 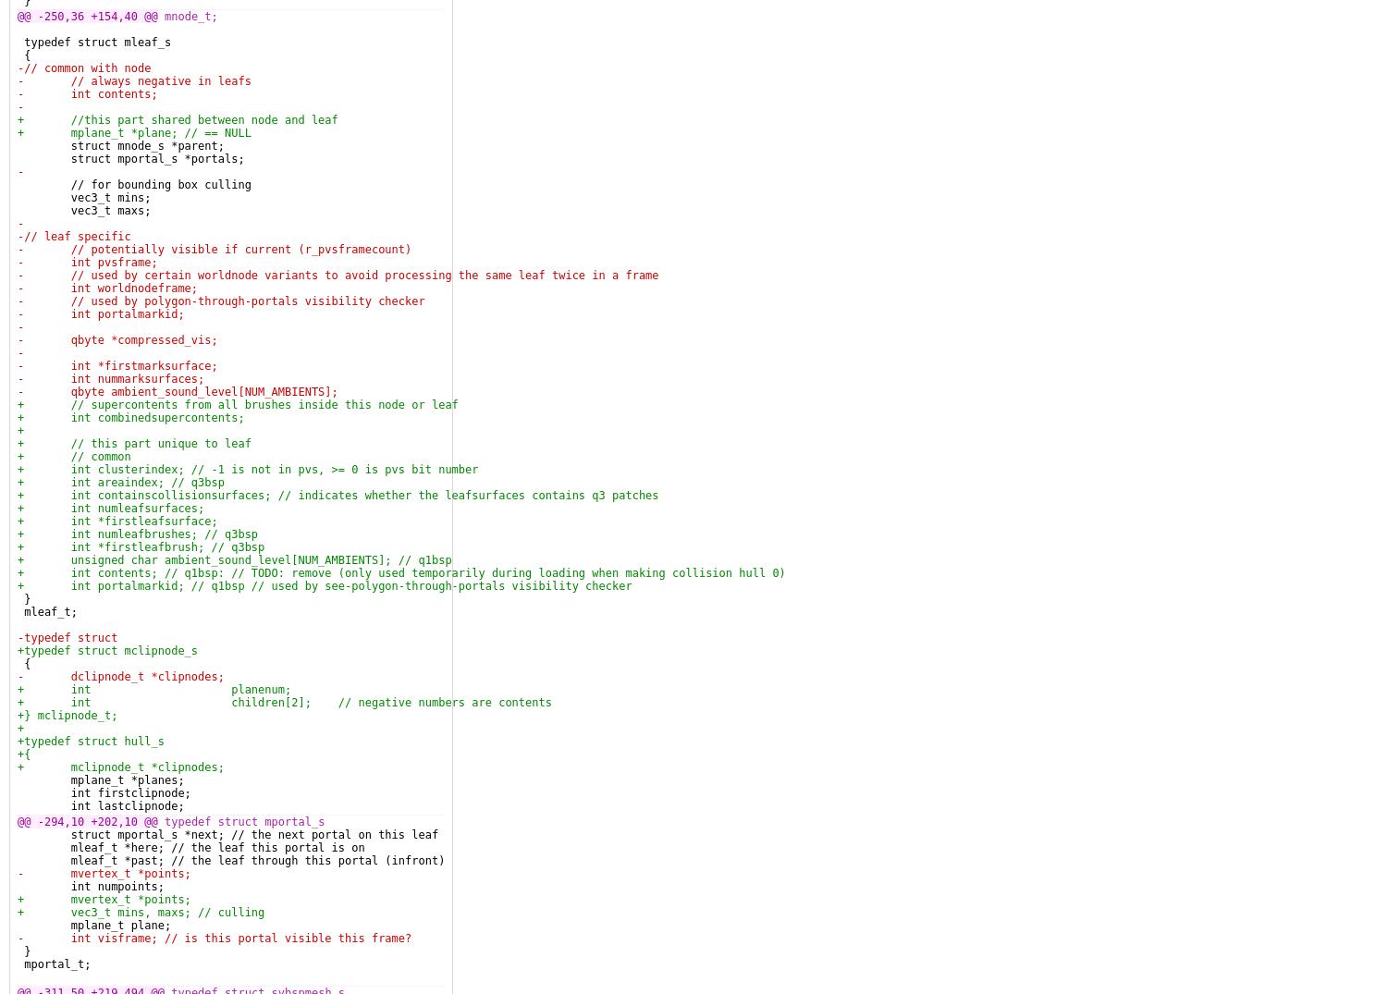 I want to click on '-       // always negative in leafs', so click(x=134, y=81).